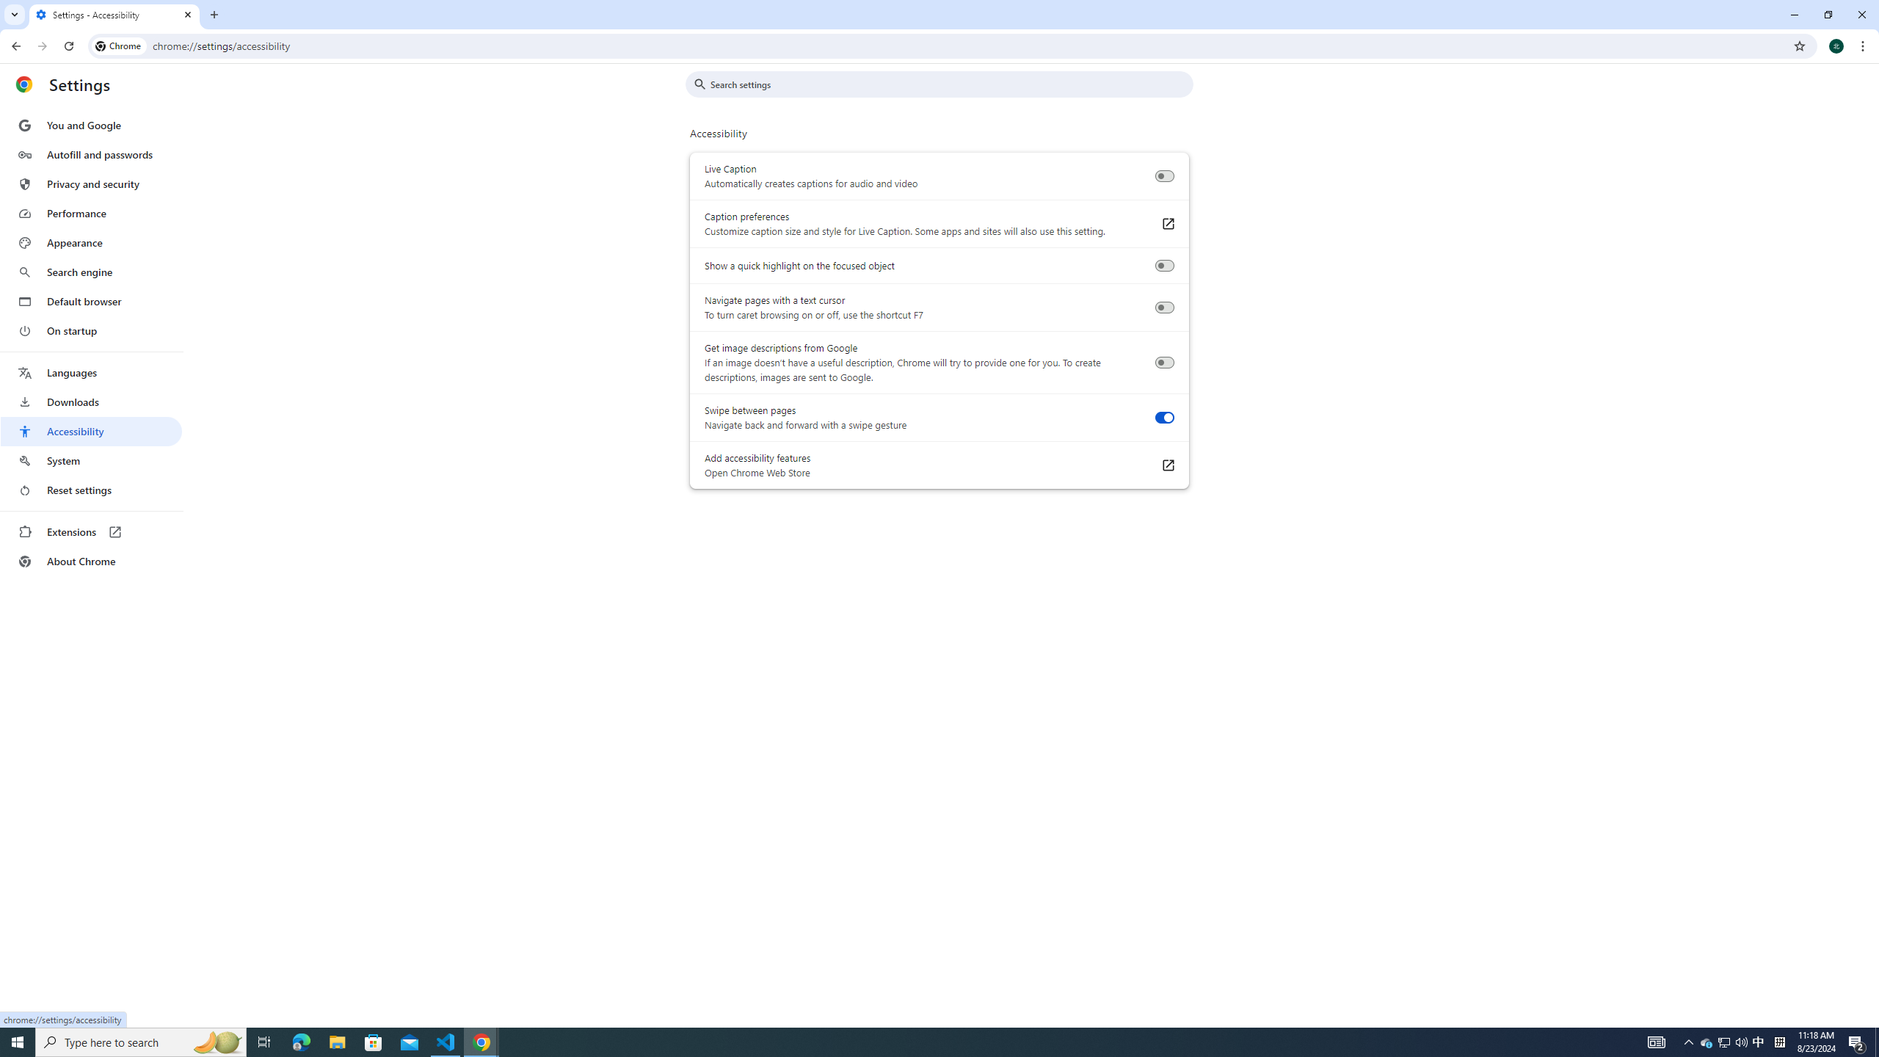  What do you see at coordinates (1163, 176) in the screenshot?
I see `'Live Caption'` at bounding box center [1163, 176].